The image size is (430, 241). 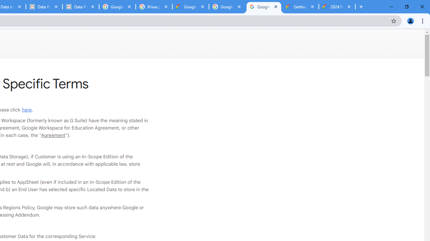 What do you see at coordinates (27, 109) in the screenshot?
I see `'here'` at bounding box center [27, 109].